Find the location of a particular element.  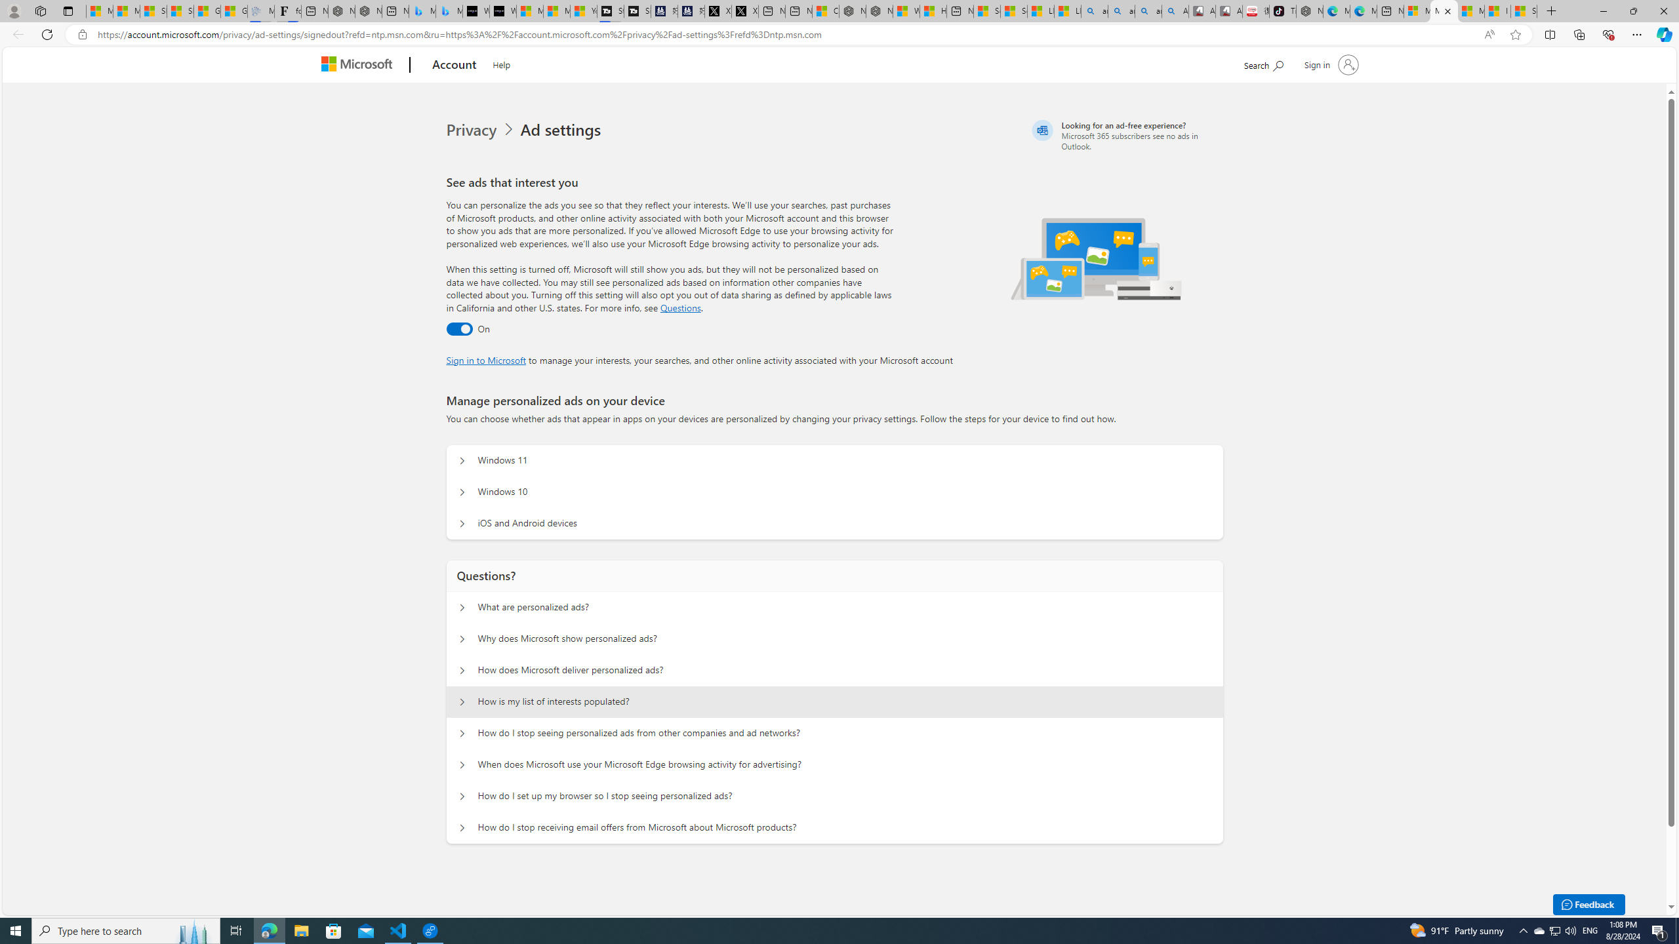

'Microsoft account | Privacy' is located at coordinates (1444, 10).